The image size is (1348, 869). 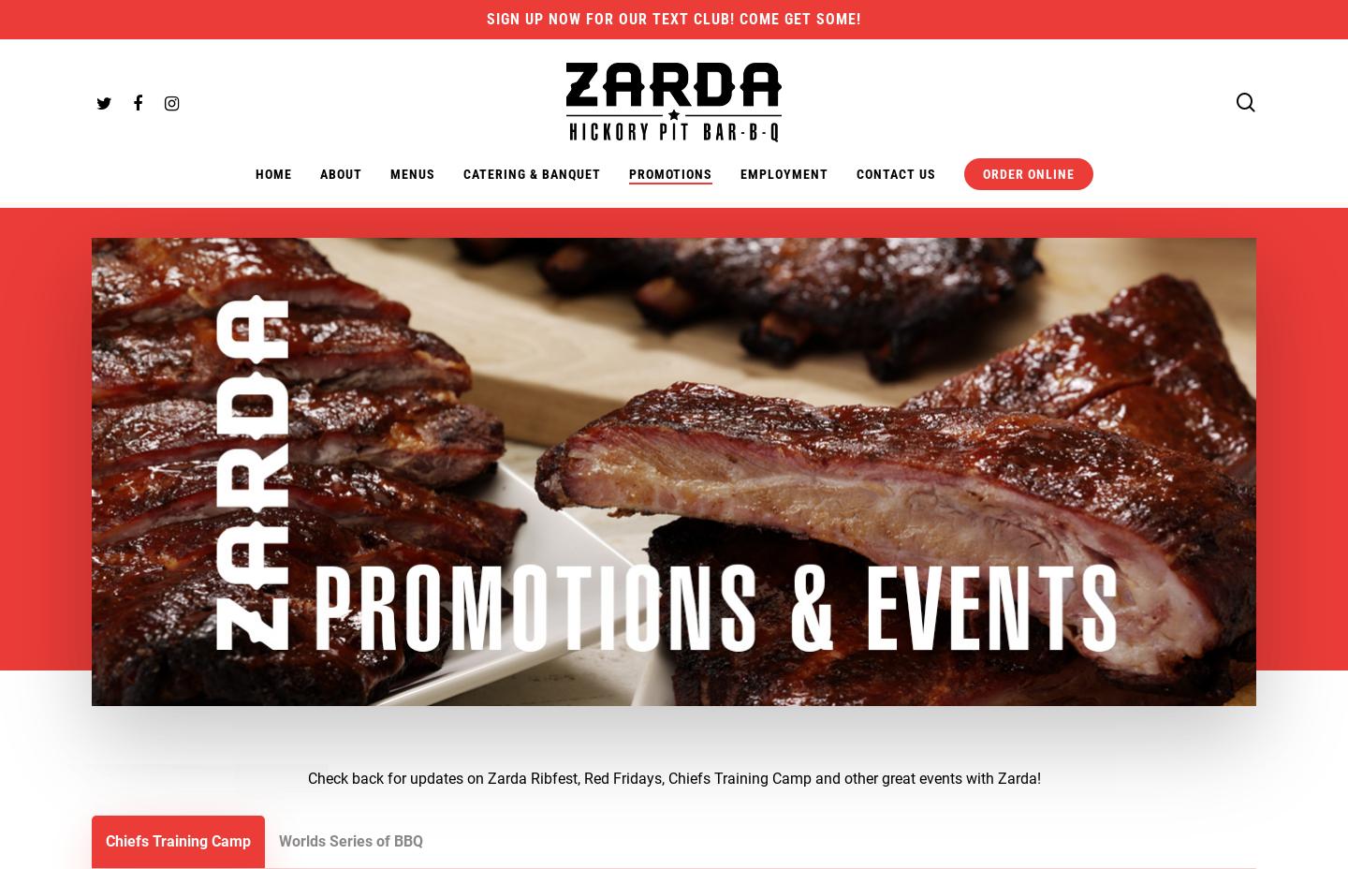 What do you see at coordinates (412, 173) in the screenshot?
I see `'Menus'` at bounding box center [412, 173].